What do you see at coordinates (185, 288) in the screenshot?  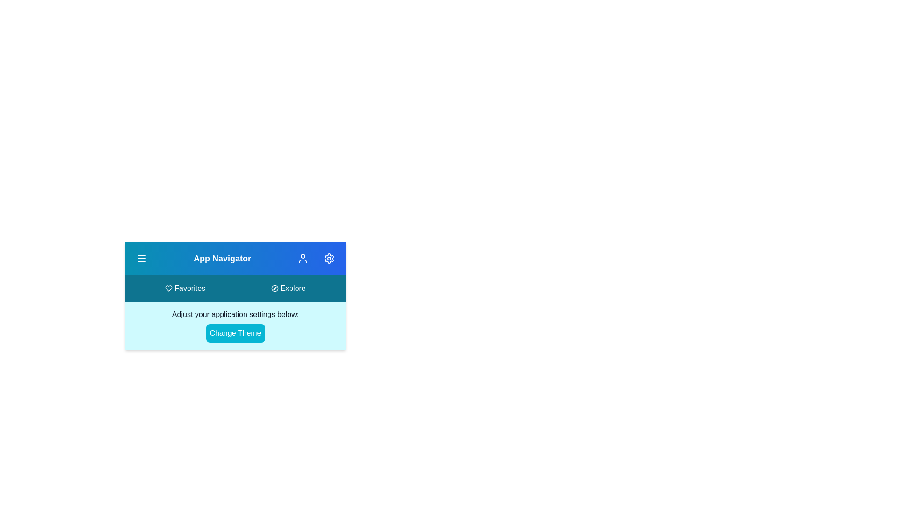 I see `the favorites navigation button located in the navigation header section` at bounding box center [185, 288].